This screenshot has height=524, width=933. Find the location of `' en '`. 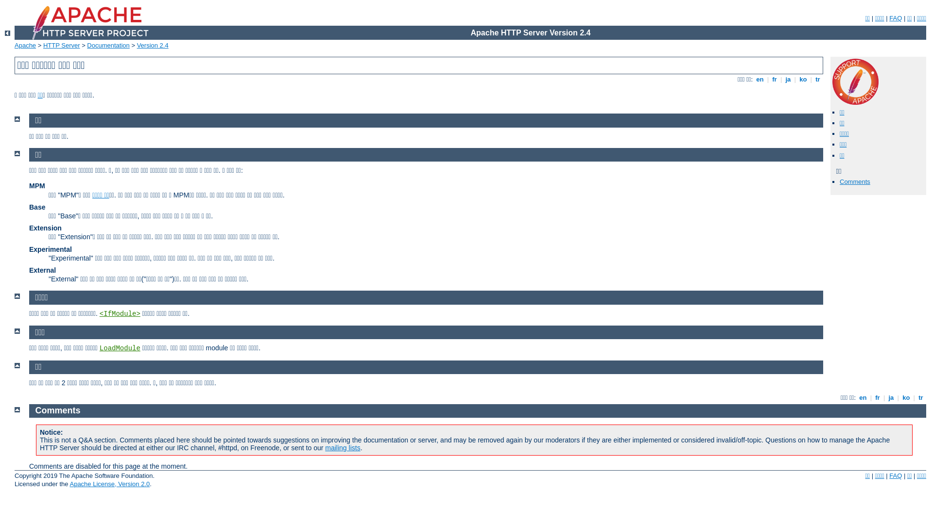

' en ' is located at coordinates (760, 79).